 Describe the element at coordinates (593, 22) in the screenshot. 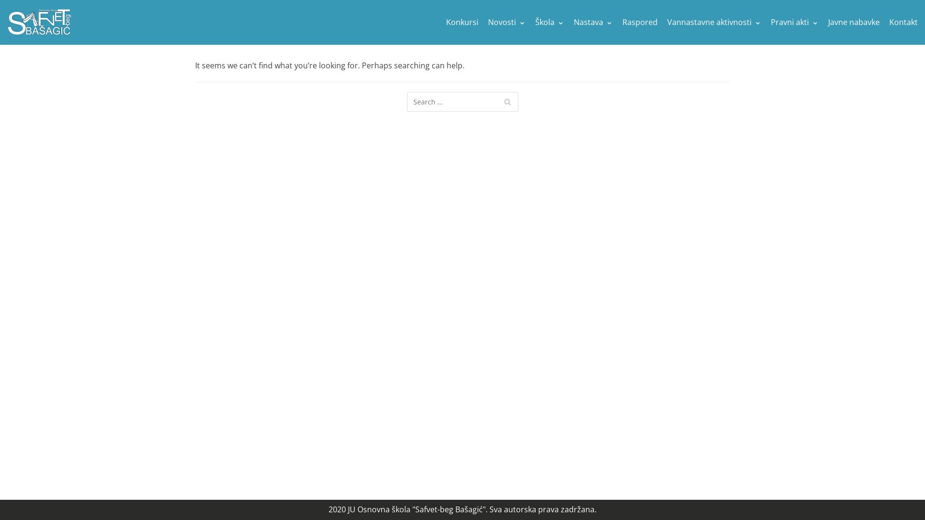

I see `'Nastava'` at that location.